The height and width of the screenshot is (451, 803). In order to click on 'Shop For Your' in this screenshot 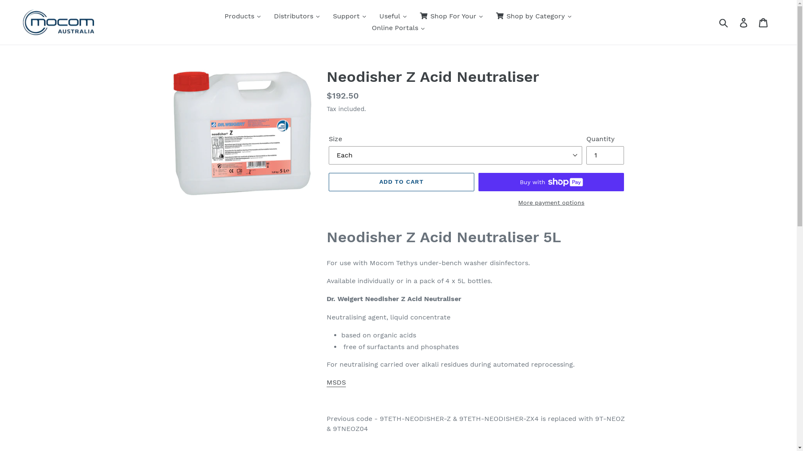, I will do `click(413, 16)`.